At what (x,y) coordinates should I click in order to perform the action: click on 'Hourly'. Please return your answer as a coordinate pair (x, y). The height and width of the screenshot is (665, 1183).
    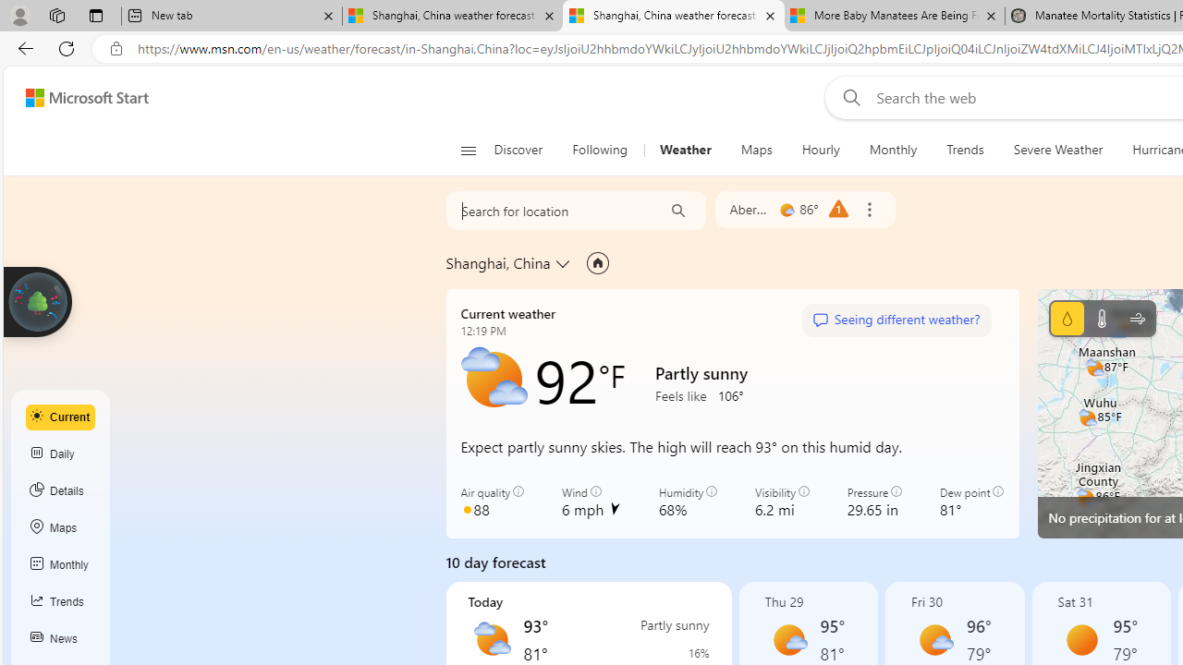
    Looking at the image, I should click on (820, 150).